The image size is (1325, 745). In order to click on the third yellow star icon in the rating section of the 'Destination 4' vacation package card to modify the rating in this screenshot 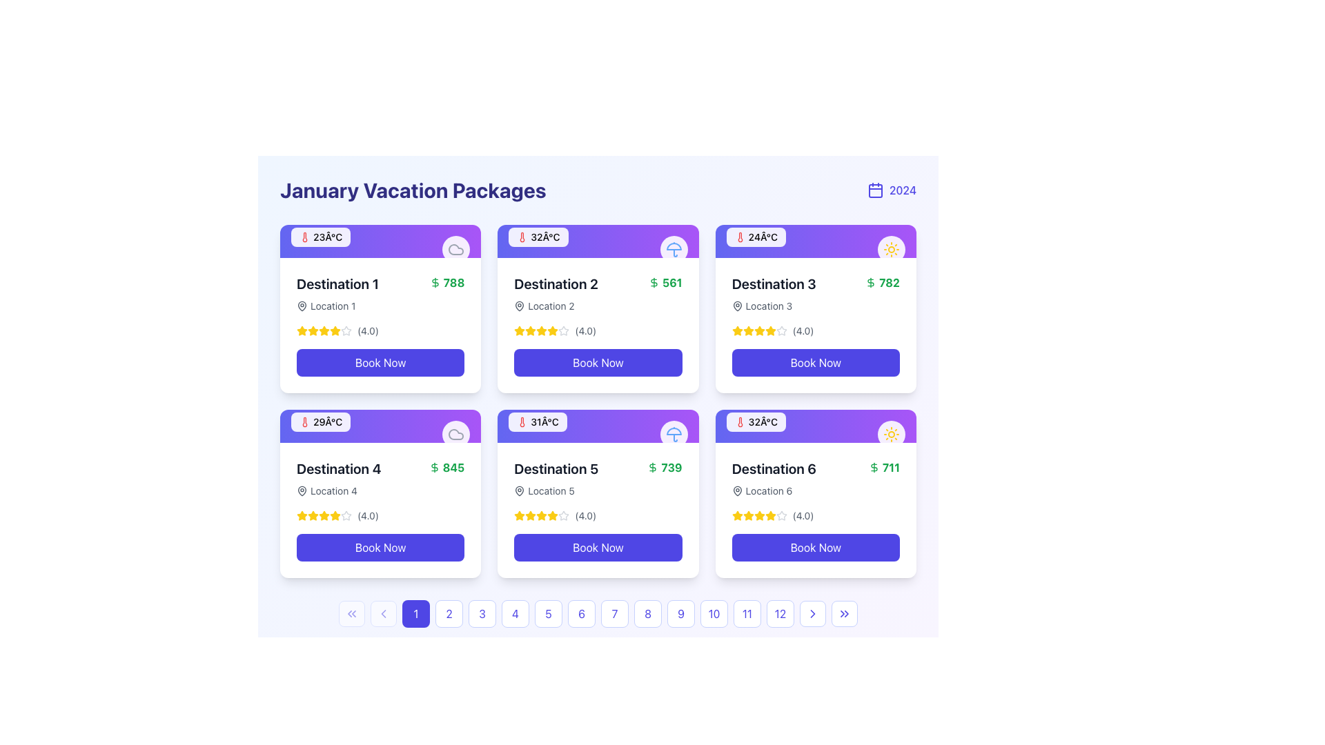, I will do `click(324, 515)`.